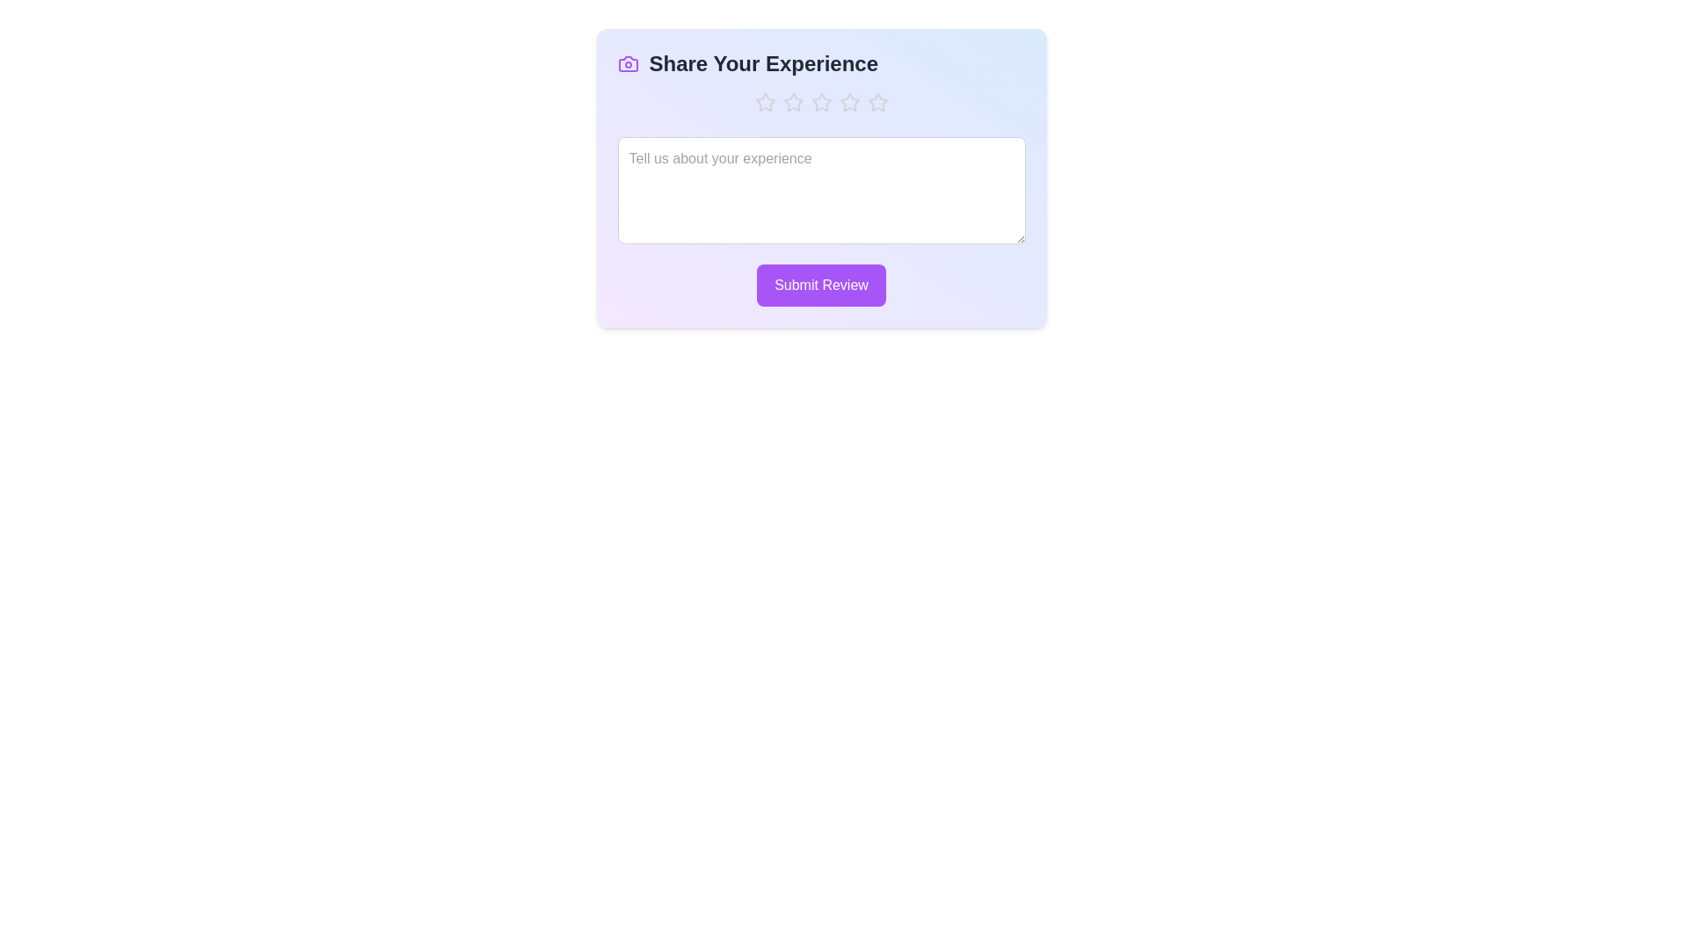 This screenshot has height=949, width=1688. I want to click on the 'Submit Review' button to submit the review, so click(820, 284).